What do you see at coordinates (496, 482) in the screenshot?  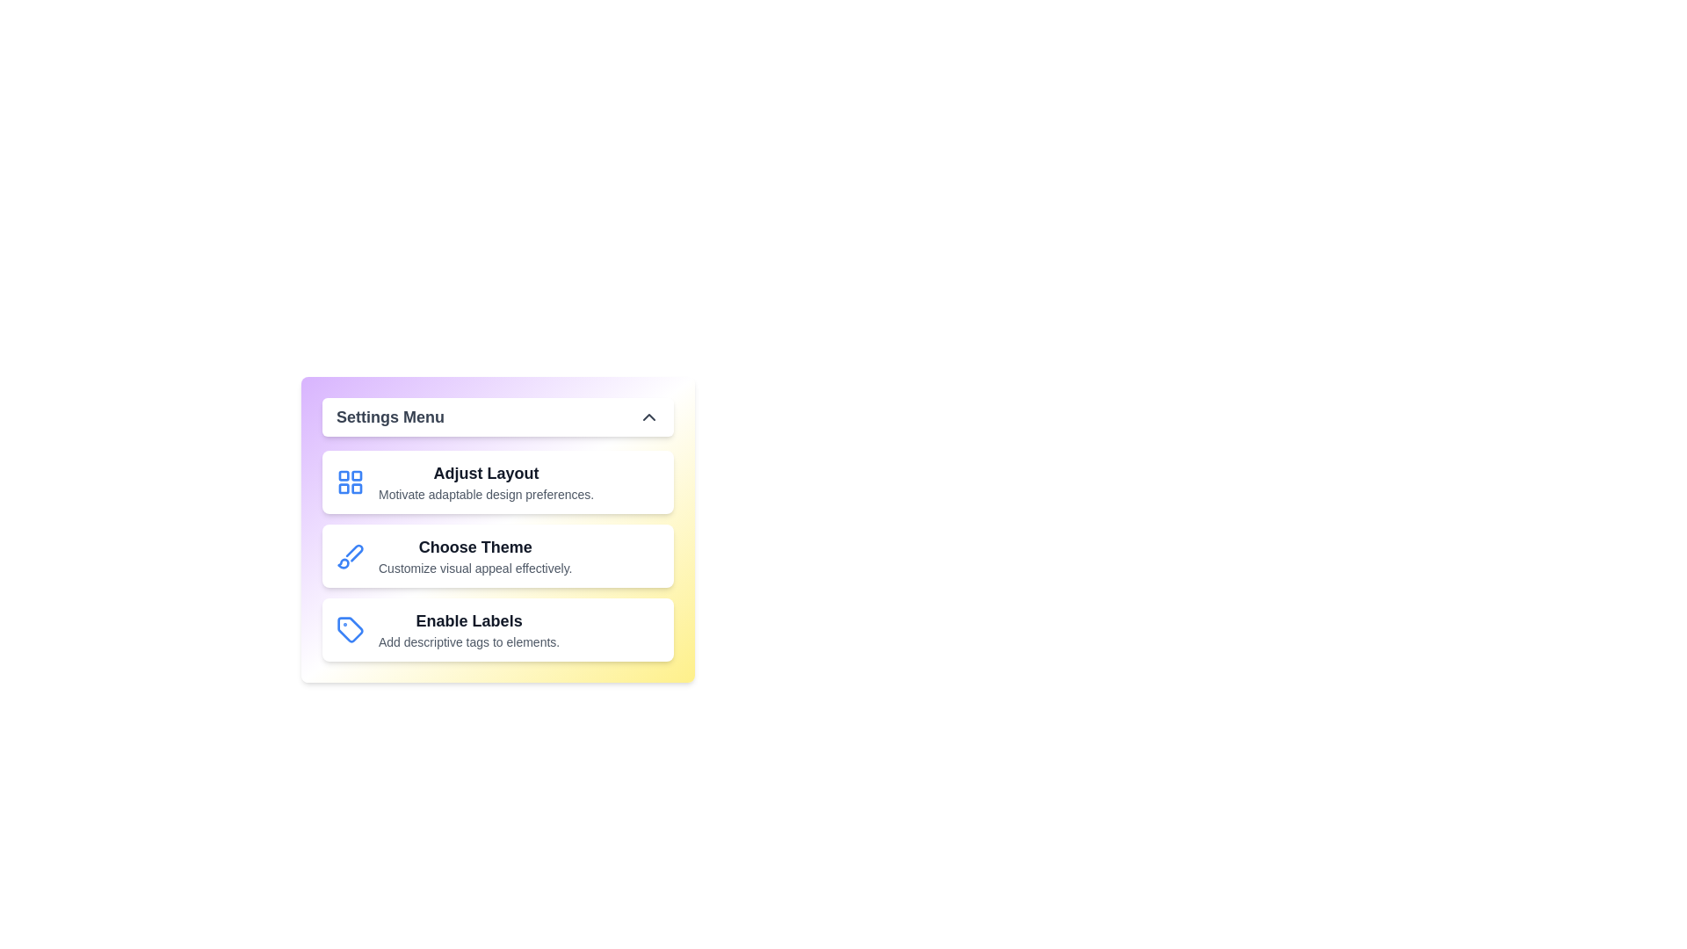 I see `the feature option Adjust Layout from the menu` at bounding box center [496, 482].